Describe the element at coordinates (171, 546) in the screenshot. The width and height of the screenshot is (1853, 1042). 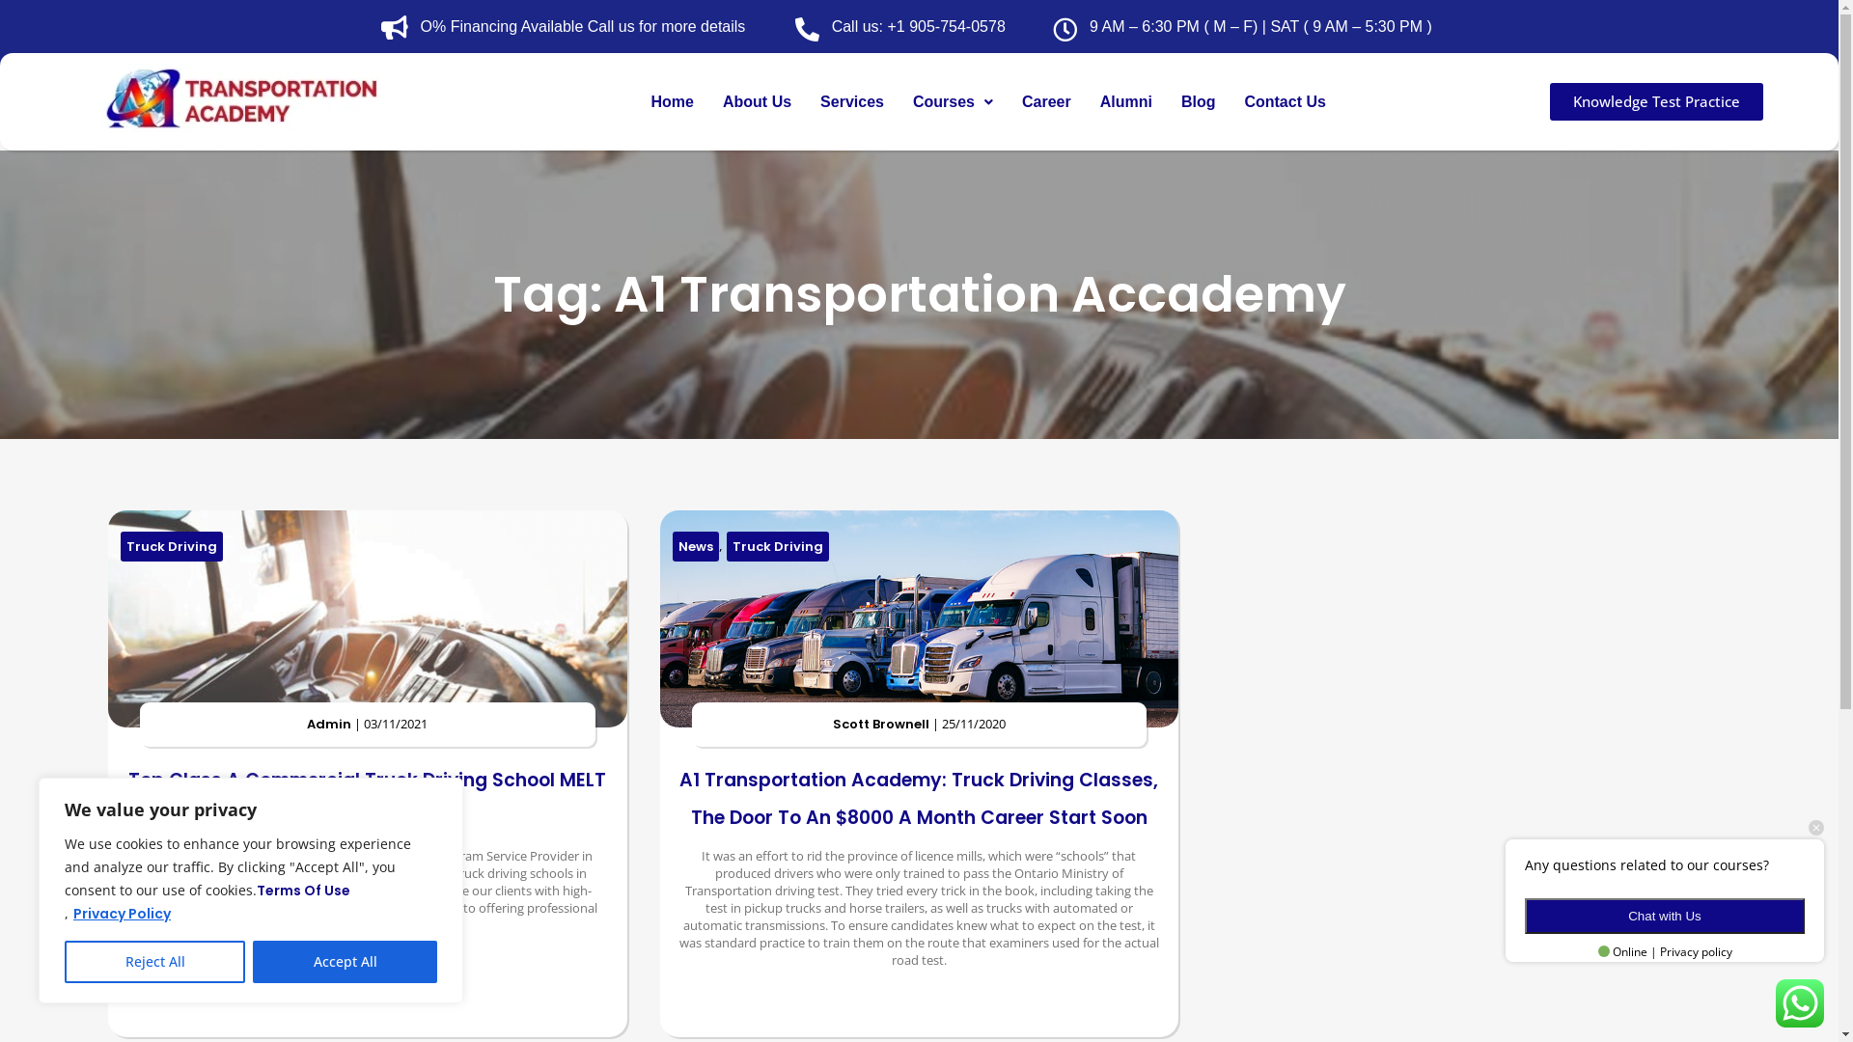
I see `'Truck Driving'` at that location.